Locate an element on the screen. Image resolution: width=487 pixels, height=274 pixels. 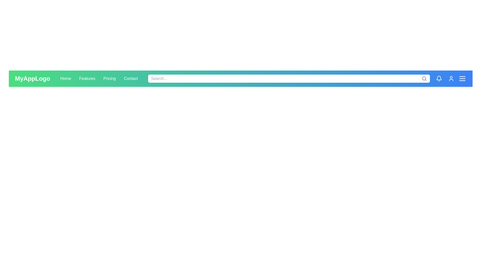
the bell icon located on the right side of the navigation bar is located at coordinates (439, 78).